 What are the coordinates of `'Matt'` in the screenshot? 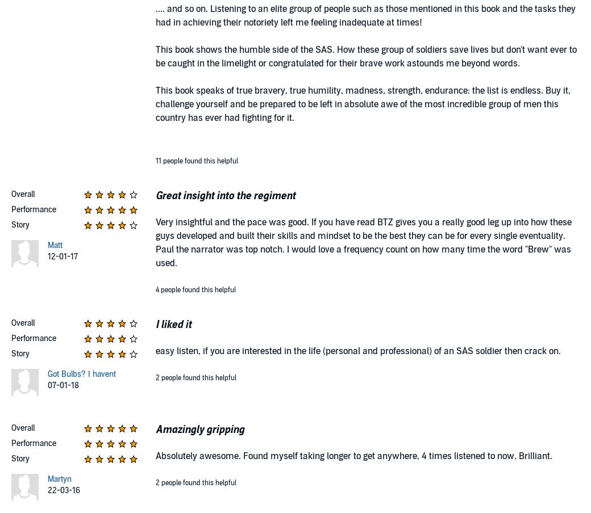 It's located at (53, 245).